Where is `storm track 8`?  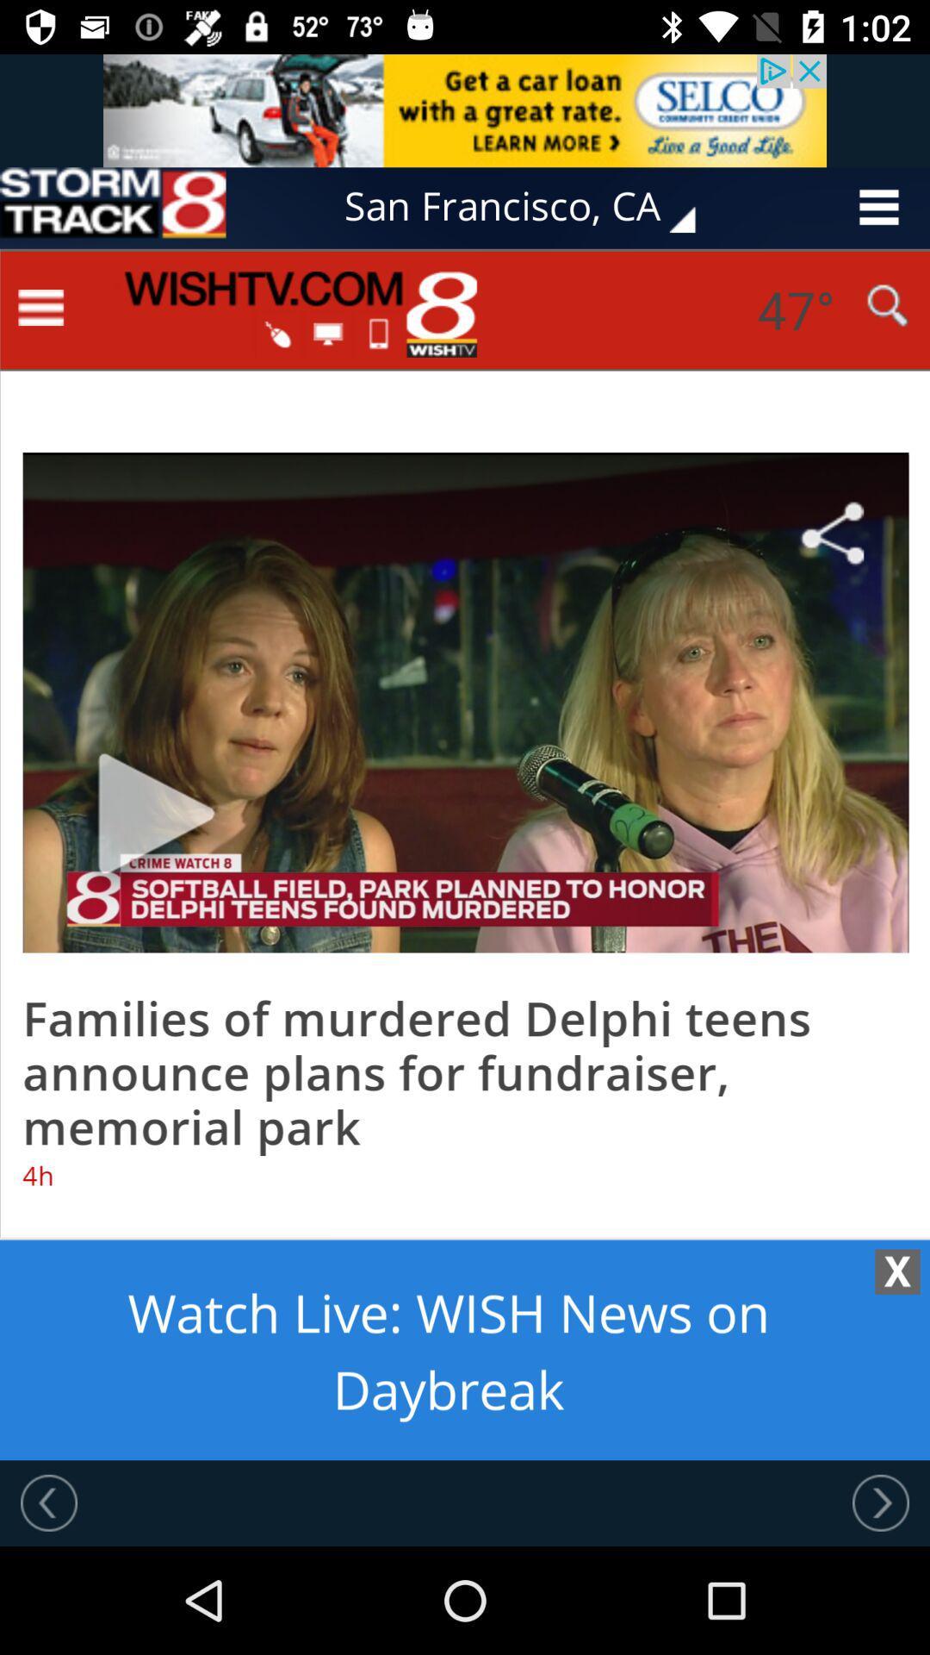 storm track 8 is located at coordinates (113, 207).